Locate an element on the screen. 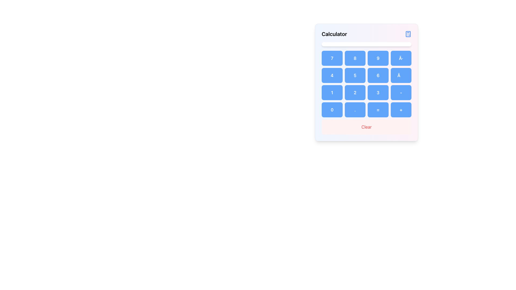 This screenshot has height=290, width=516. the rectangular '+' button with a blue background and rounded corners, located at the bottom-right of the grid, to input the addition operation is located at coordinates (401, 109).